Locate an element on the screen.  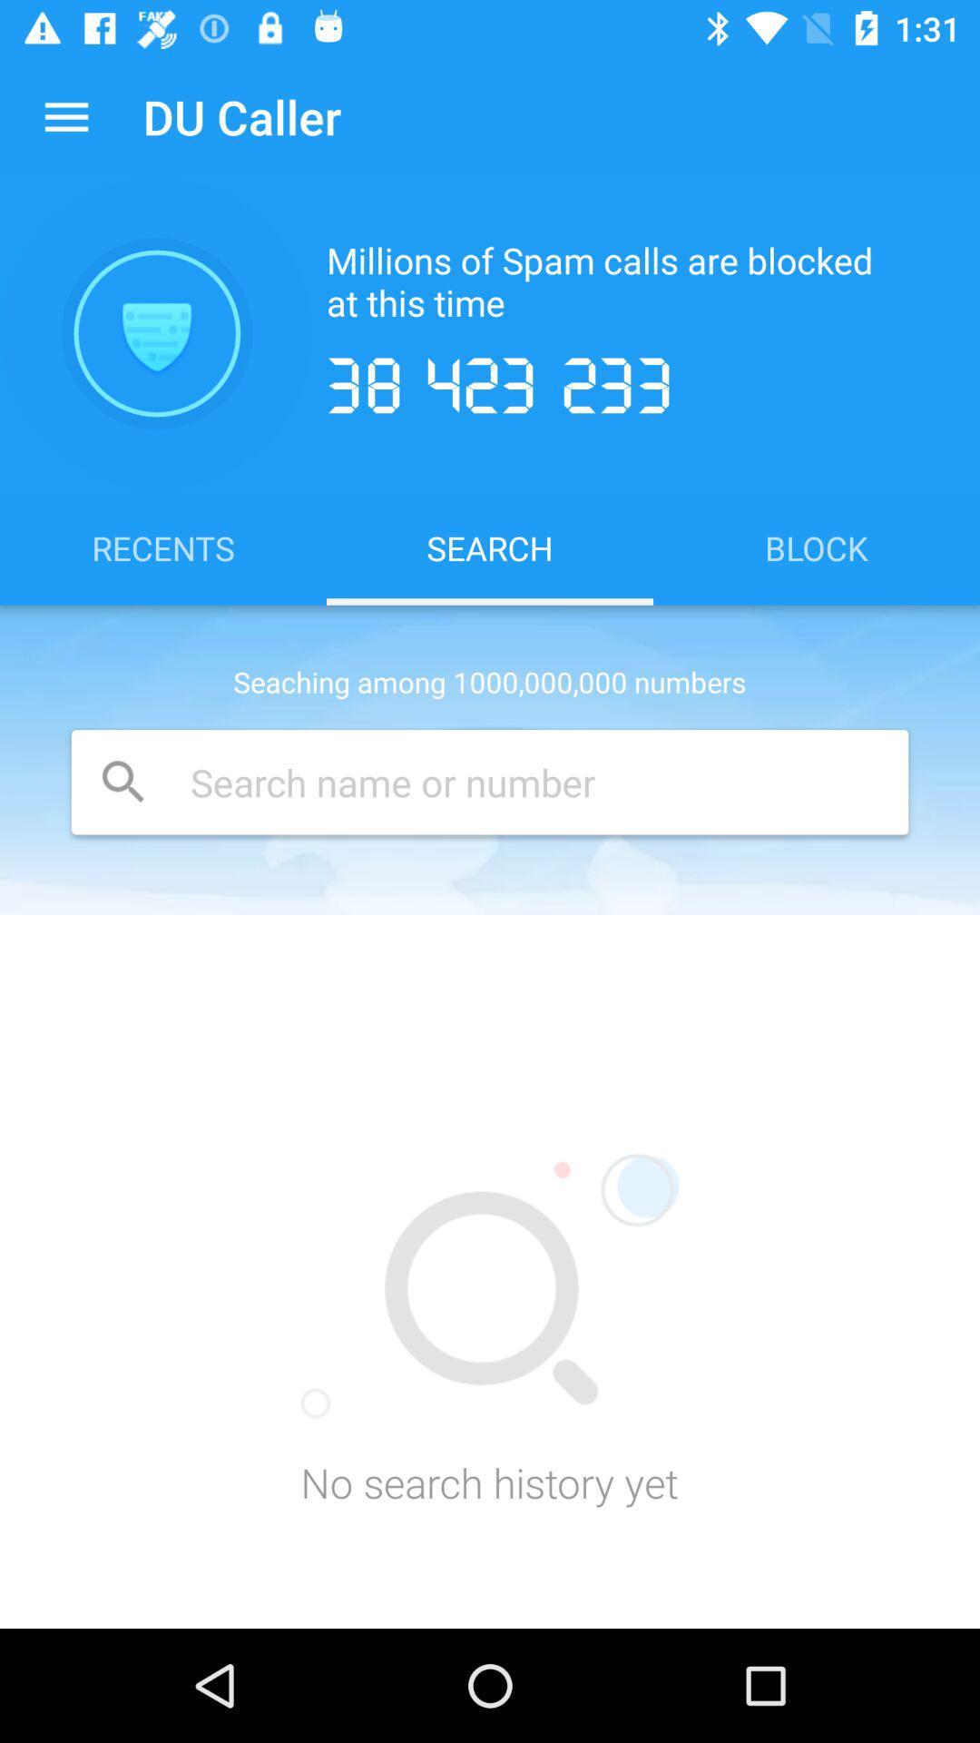
recents is located at coordinates (163, 547).